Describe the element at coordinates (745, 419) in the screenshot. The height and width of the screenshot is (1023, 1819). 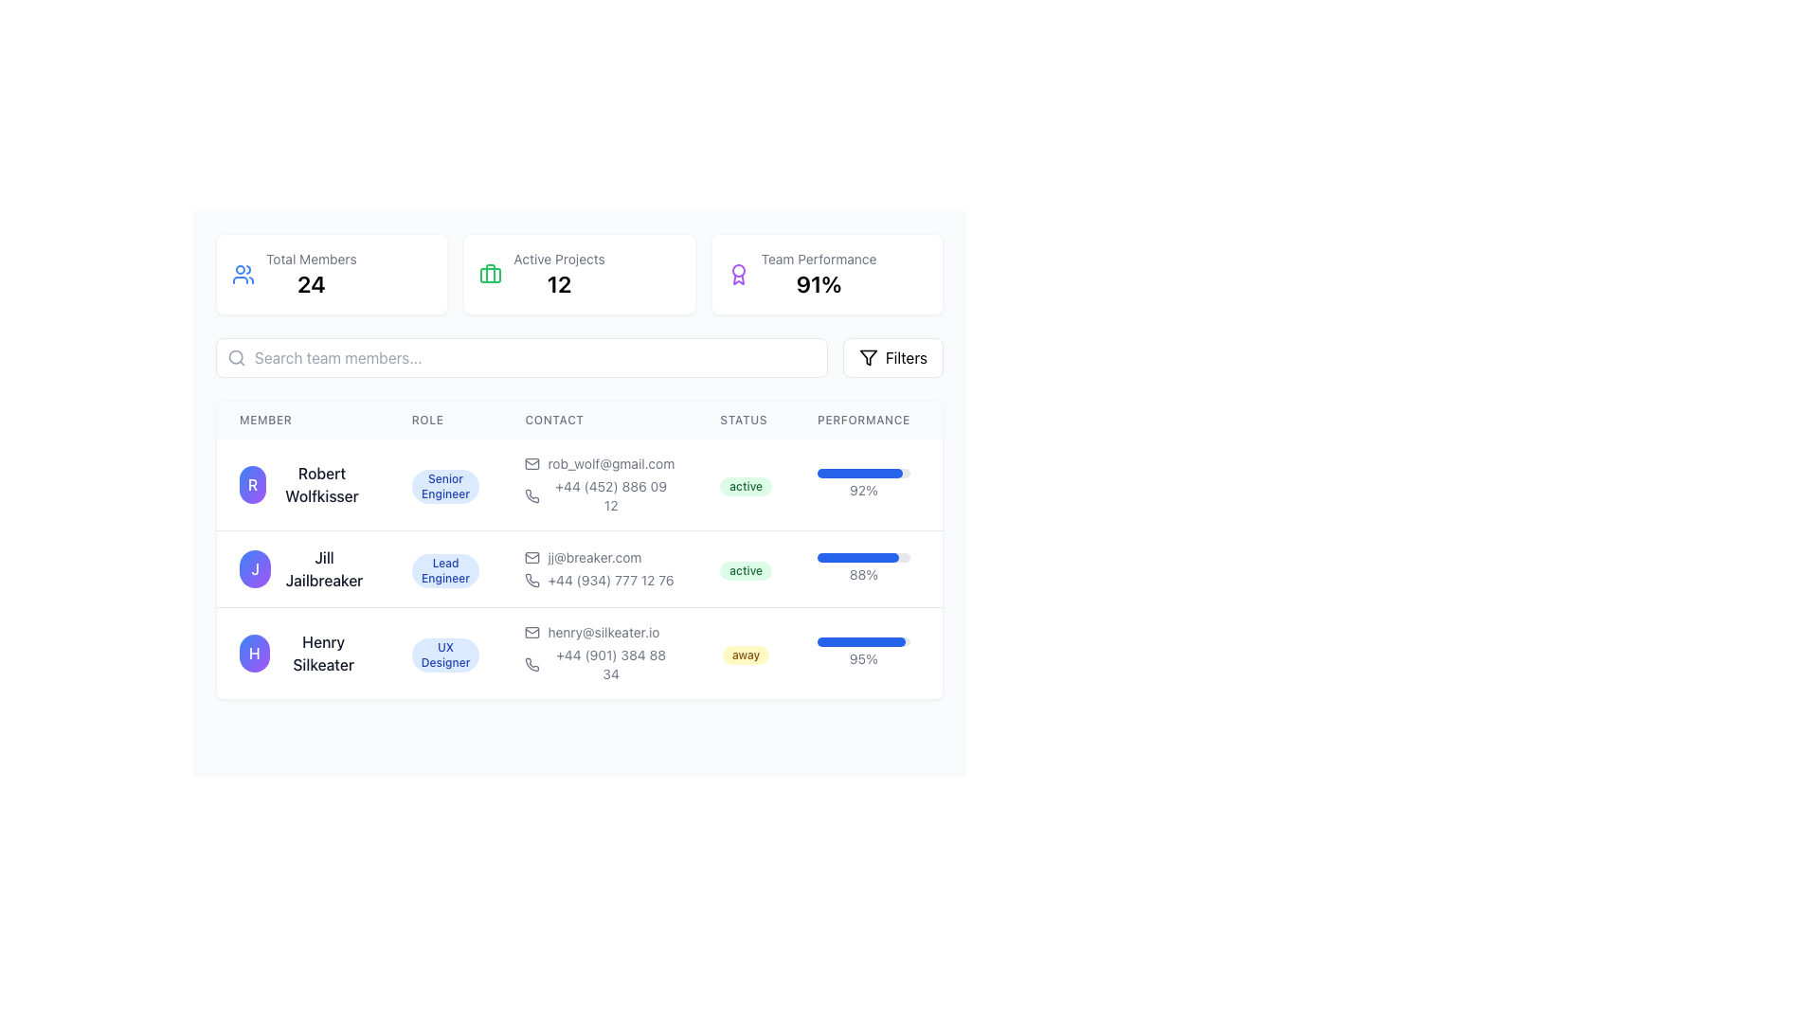
I see `the 'Status' column header label, which is the fourth column in the table, located between the 'Contact' and 'Performance' columns` at that location.